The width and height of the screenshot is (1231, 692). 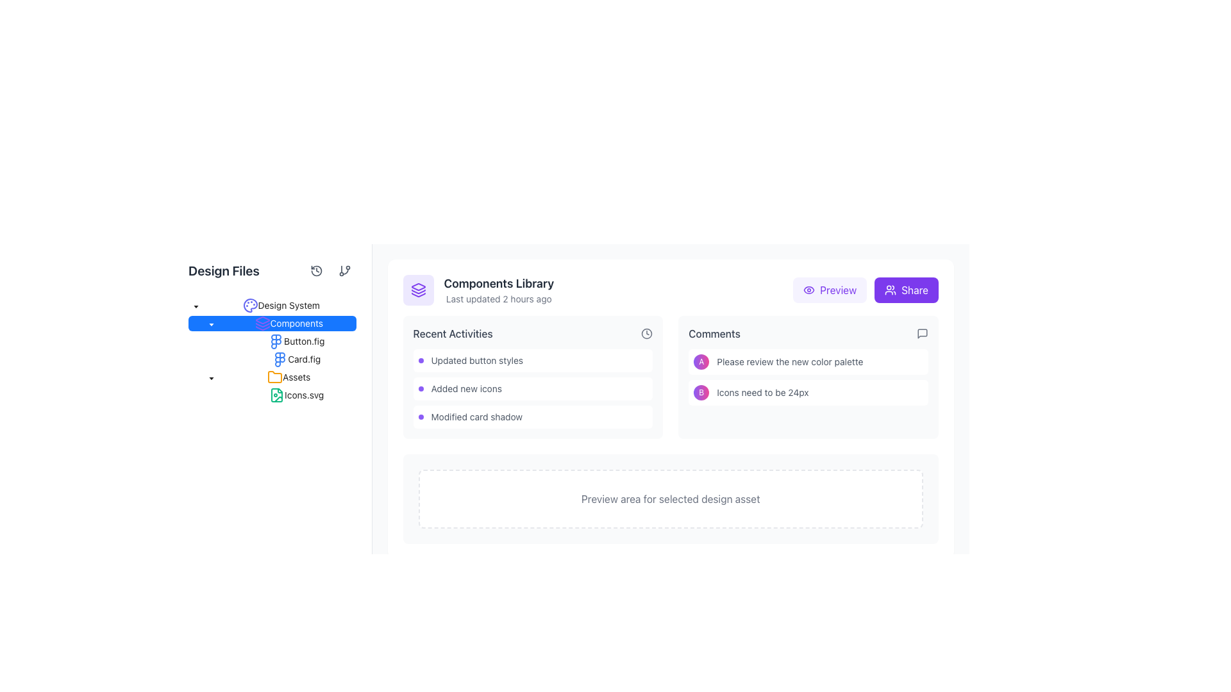 What do you see at coordinates (271, 359) in the screenshot?
I see `on the 'Card.fig' Tree Item, which is a text label styled in blue and located within the 'Components' section of the left sidebar` at bounding box center [271, 359].